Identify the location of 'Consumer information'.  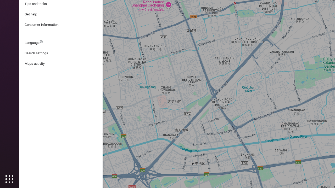
(60, 25).